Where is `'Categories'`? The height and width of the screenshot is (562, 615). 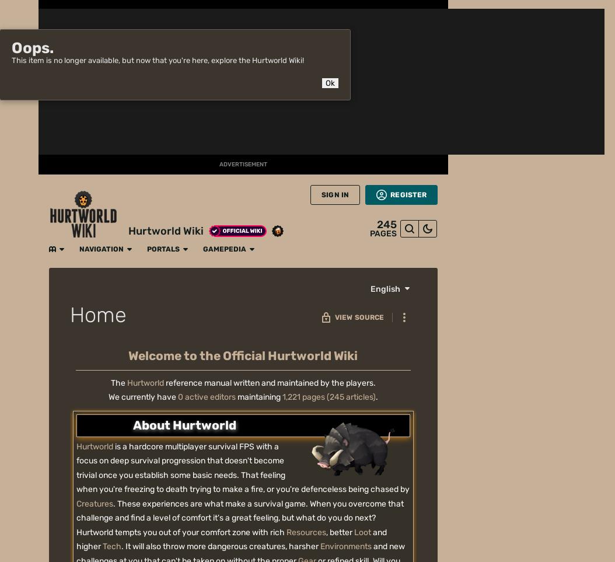 'Categories' is located at coordinates (96, 180).